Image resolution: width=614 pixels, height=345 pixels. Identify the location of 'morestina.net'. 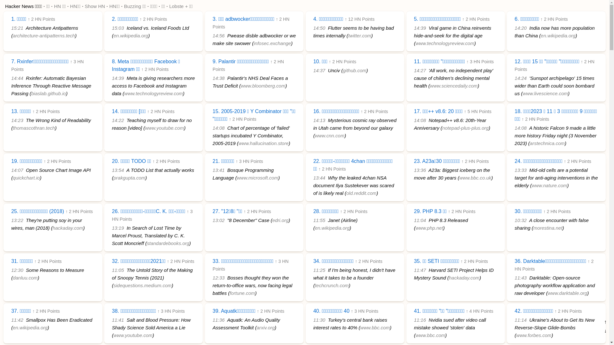
(547, 227).